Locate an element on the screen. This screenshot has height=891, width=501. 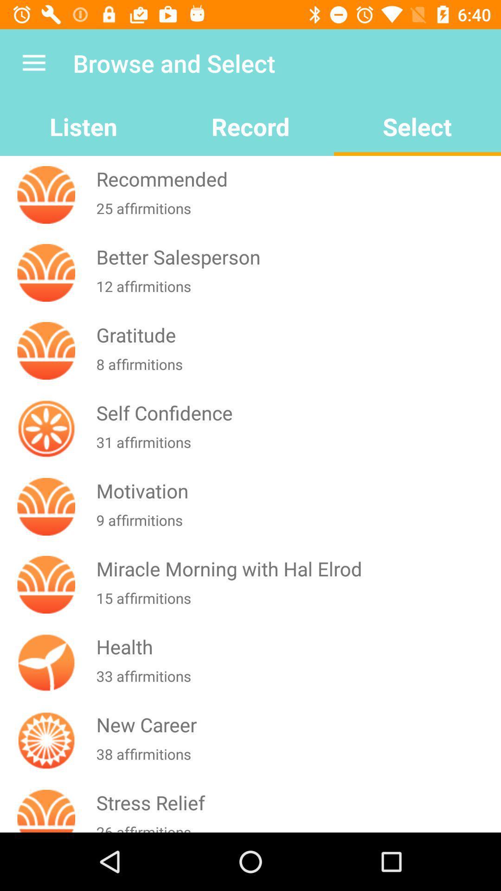
the 15 affirmitions is located at coordinates (296, 604).